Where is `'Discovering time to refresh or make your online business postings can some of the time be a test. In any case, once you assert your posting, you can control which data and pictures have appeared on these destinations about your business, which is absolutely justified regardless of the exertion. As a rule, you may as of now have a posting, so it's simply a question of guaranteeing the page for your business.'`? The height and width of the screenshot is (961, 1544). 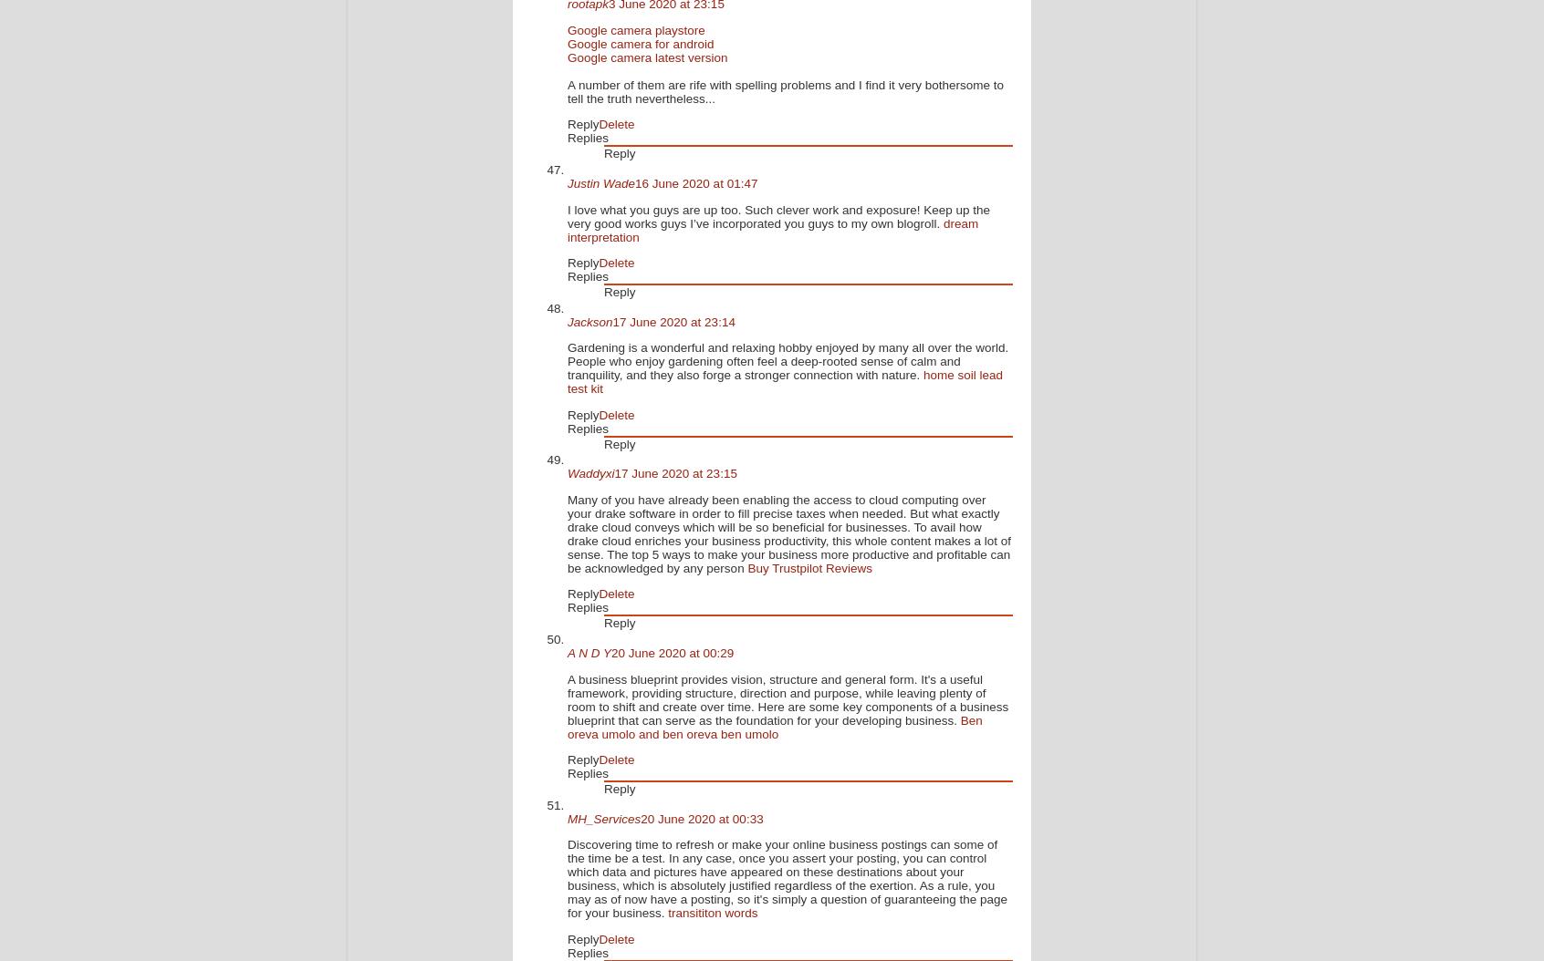
'Discovering time to refresh or make your online business postings can some of the time be a test. In any case, once you assert your posting, you can control which data and pictures have appeared on these destinations about your business, which is absolutely justified regardless of the exertion. As a rule, you may as of now have a posting, so it's simply a question of guaranteeing the page for your business.' is located at coordinates (566, 878).